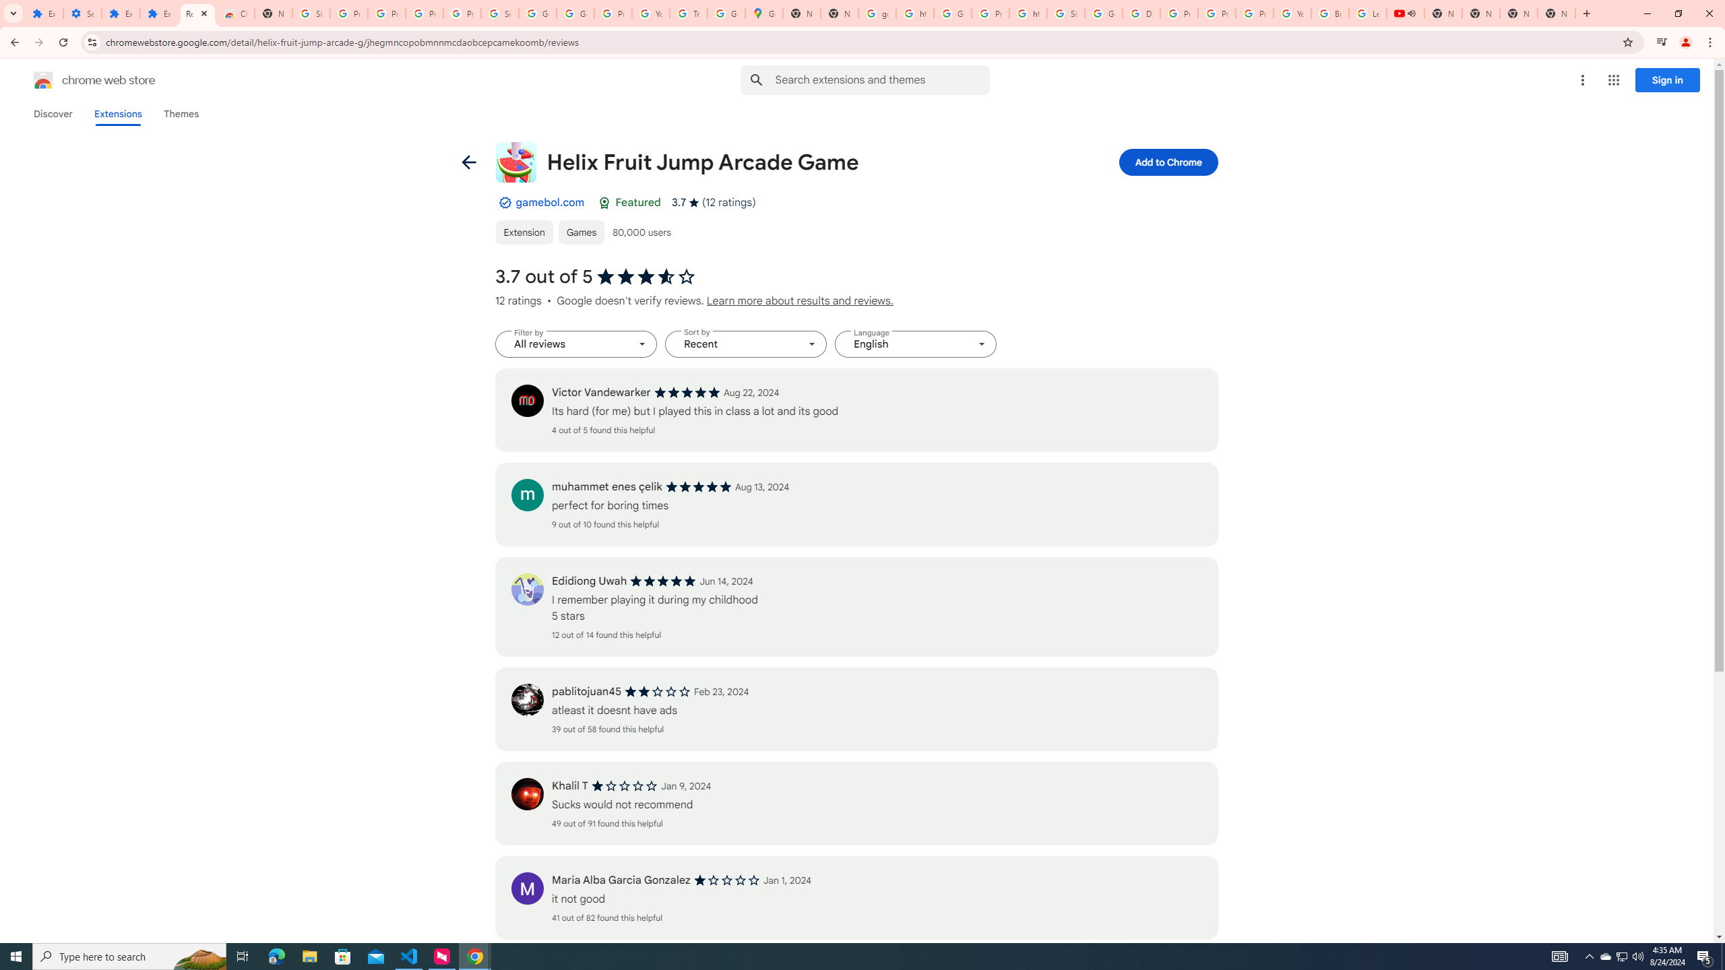 The width and height of the screenshot is (1725, 970). What do you see at coordinates (515, 162) in the screenshot?
I see `'Item logo image for Helix Fruit Jump Arcade Game'` at bounding box center [515, 162].